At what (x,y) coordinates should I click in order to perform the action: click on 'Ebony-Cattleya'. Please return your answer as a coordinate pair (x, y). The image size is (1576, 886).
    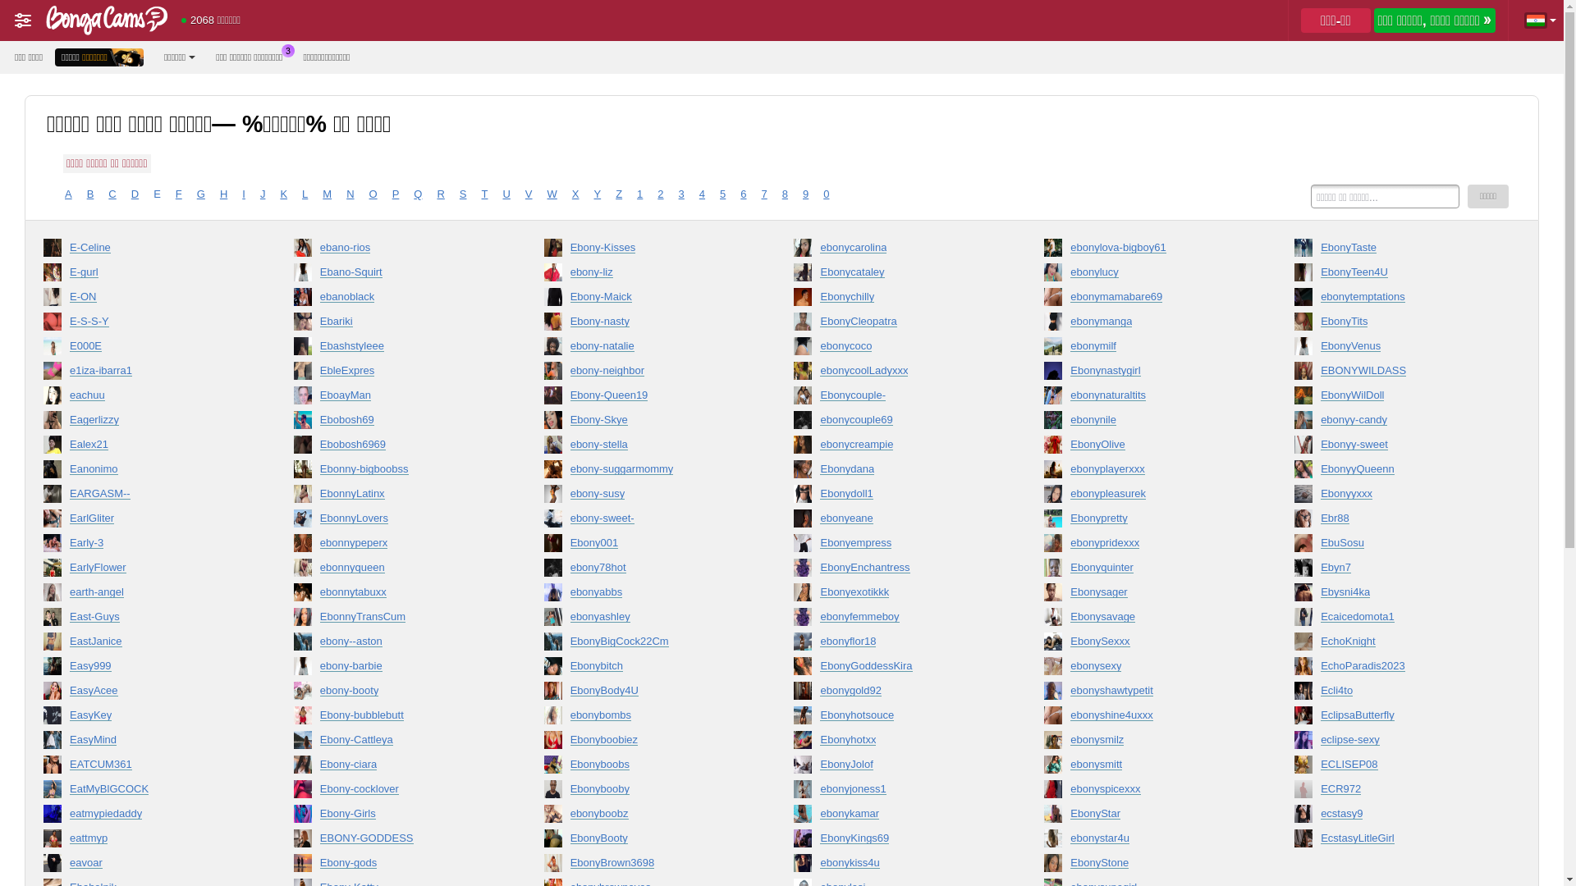
    Looking at the image, I should click on (395, 743).